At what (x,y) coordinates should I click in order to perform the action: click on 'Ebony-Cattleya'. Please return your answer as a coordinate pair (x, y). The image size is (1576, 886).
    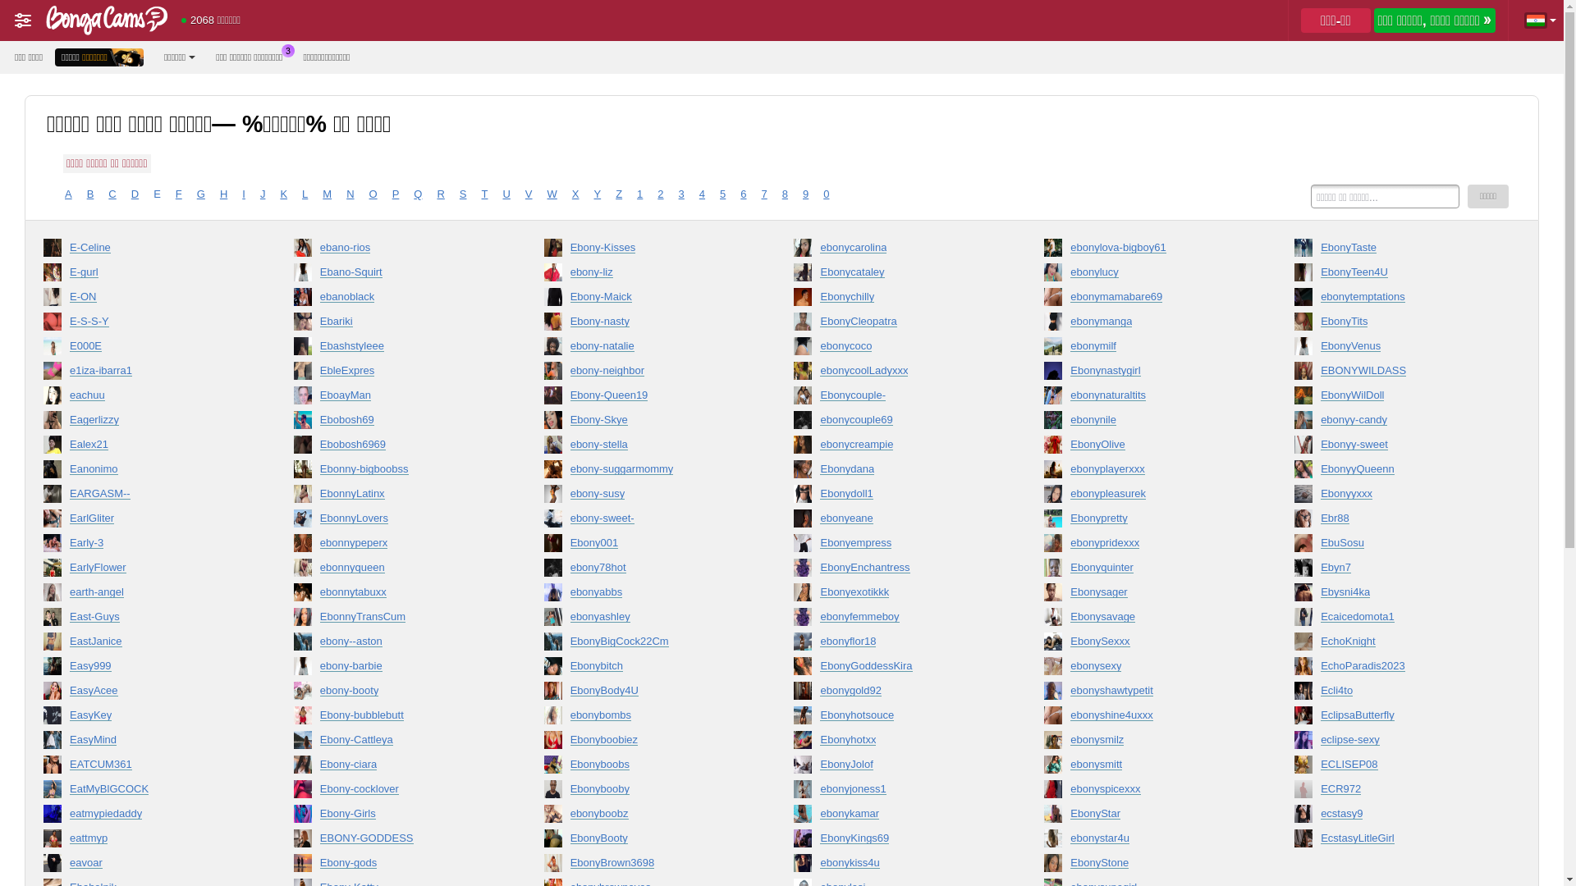
    Looking at the image, I should click on (395, 743).